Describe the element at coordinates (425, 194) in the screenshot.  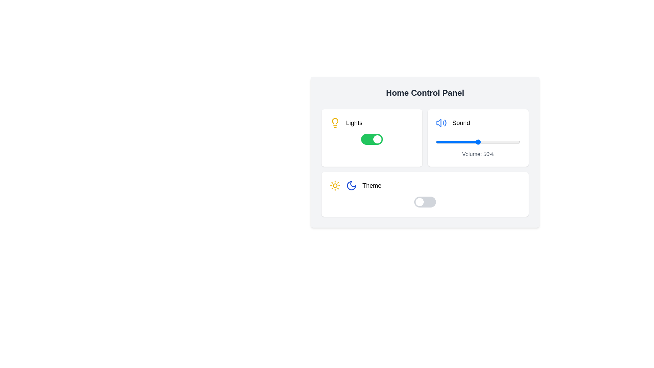
I see `the theme selection card with toggle switch located in the lower section of the Home Control Panel interface` at that location.